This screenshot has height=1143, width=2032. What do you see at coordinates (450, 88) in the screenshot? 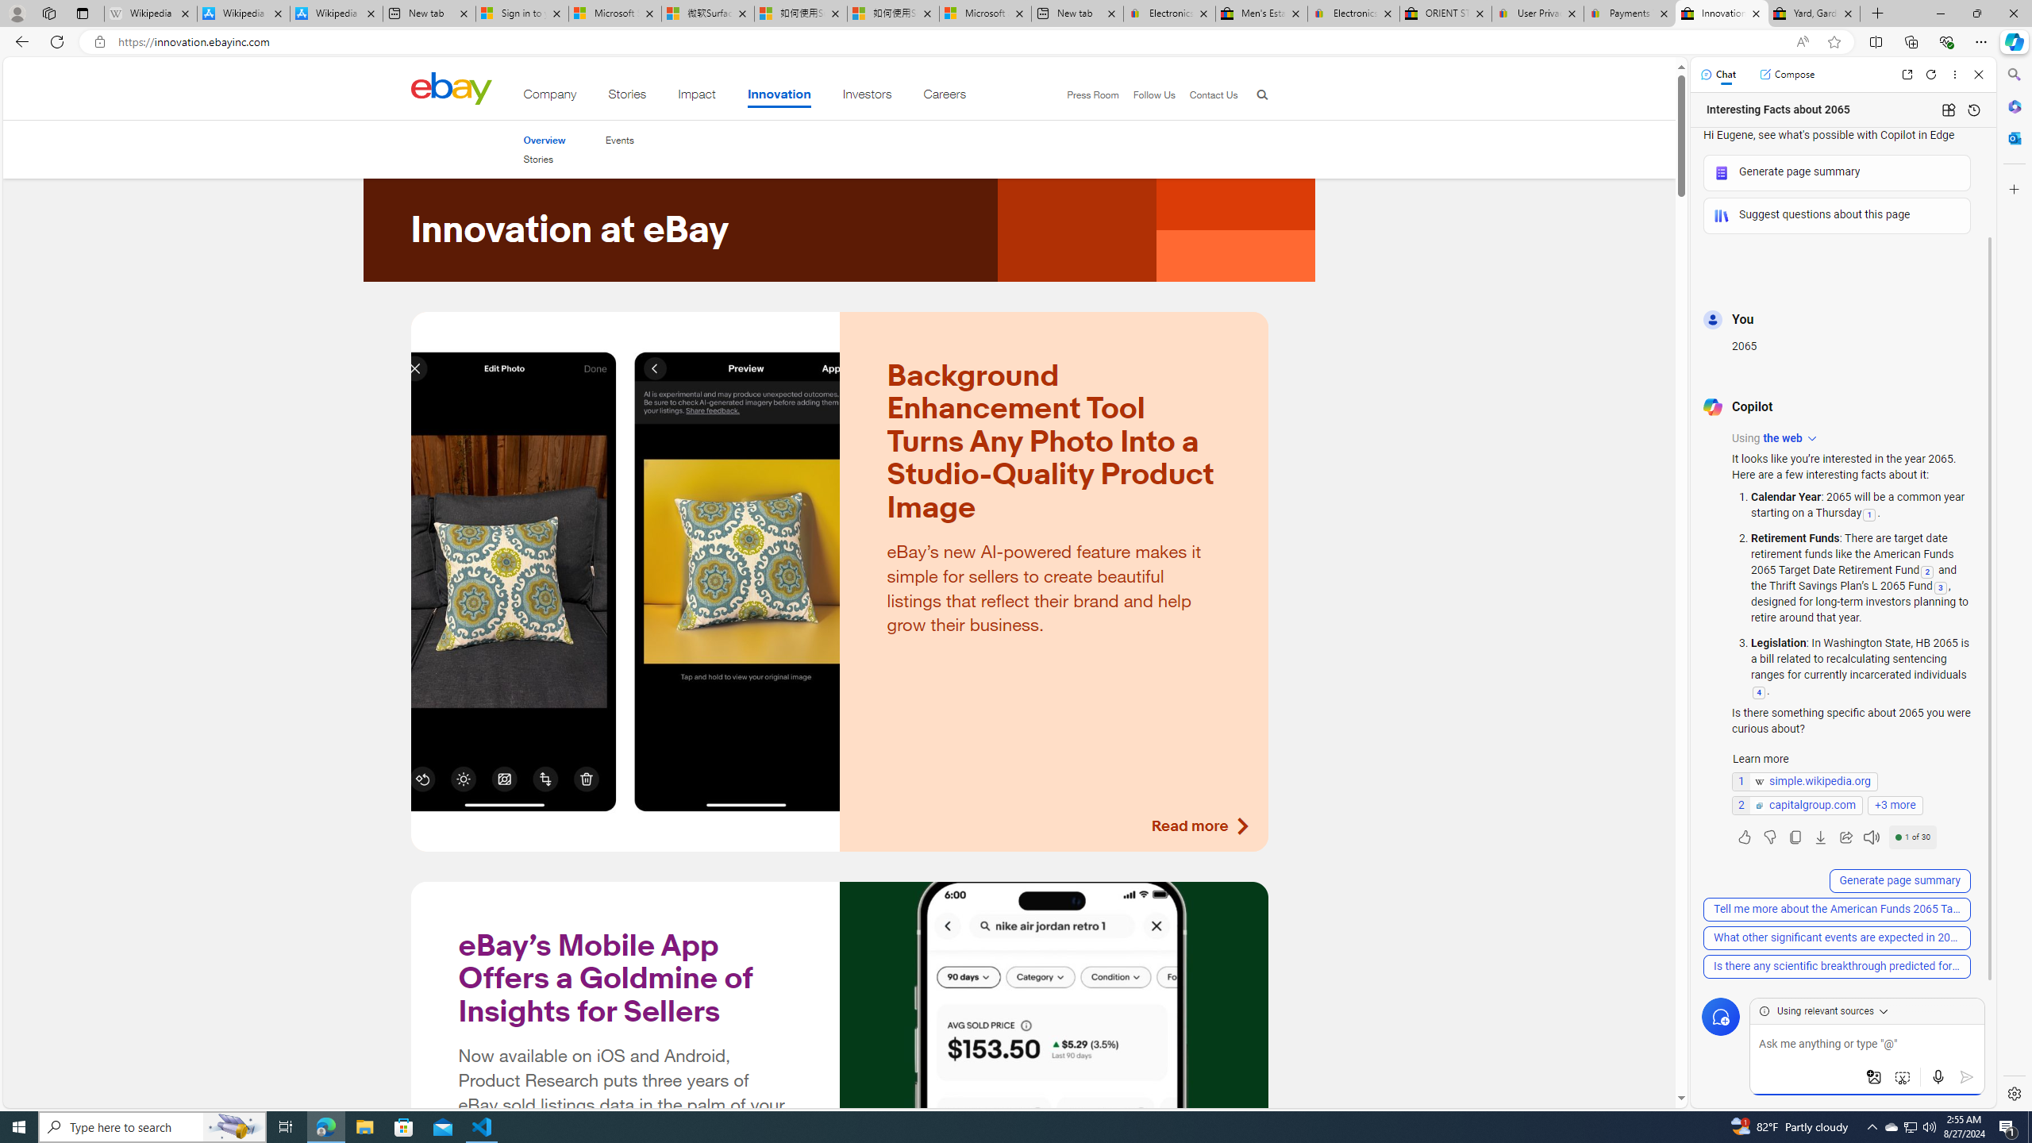
I see `'Class: desktop'` at bounding box center [450, 88].